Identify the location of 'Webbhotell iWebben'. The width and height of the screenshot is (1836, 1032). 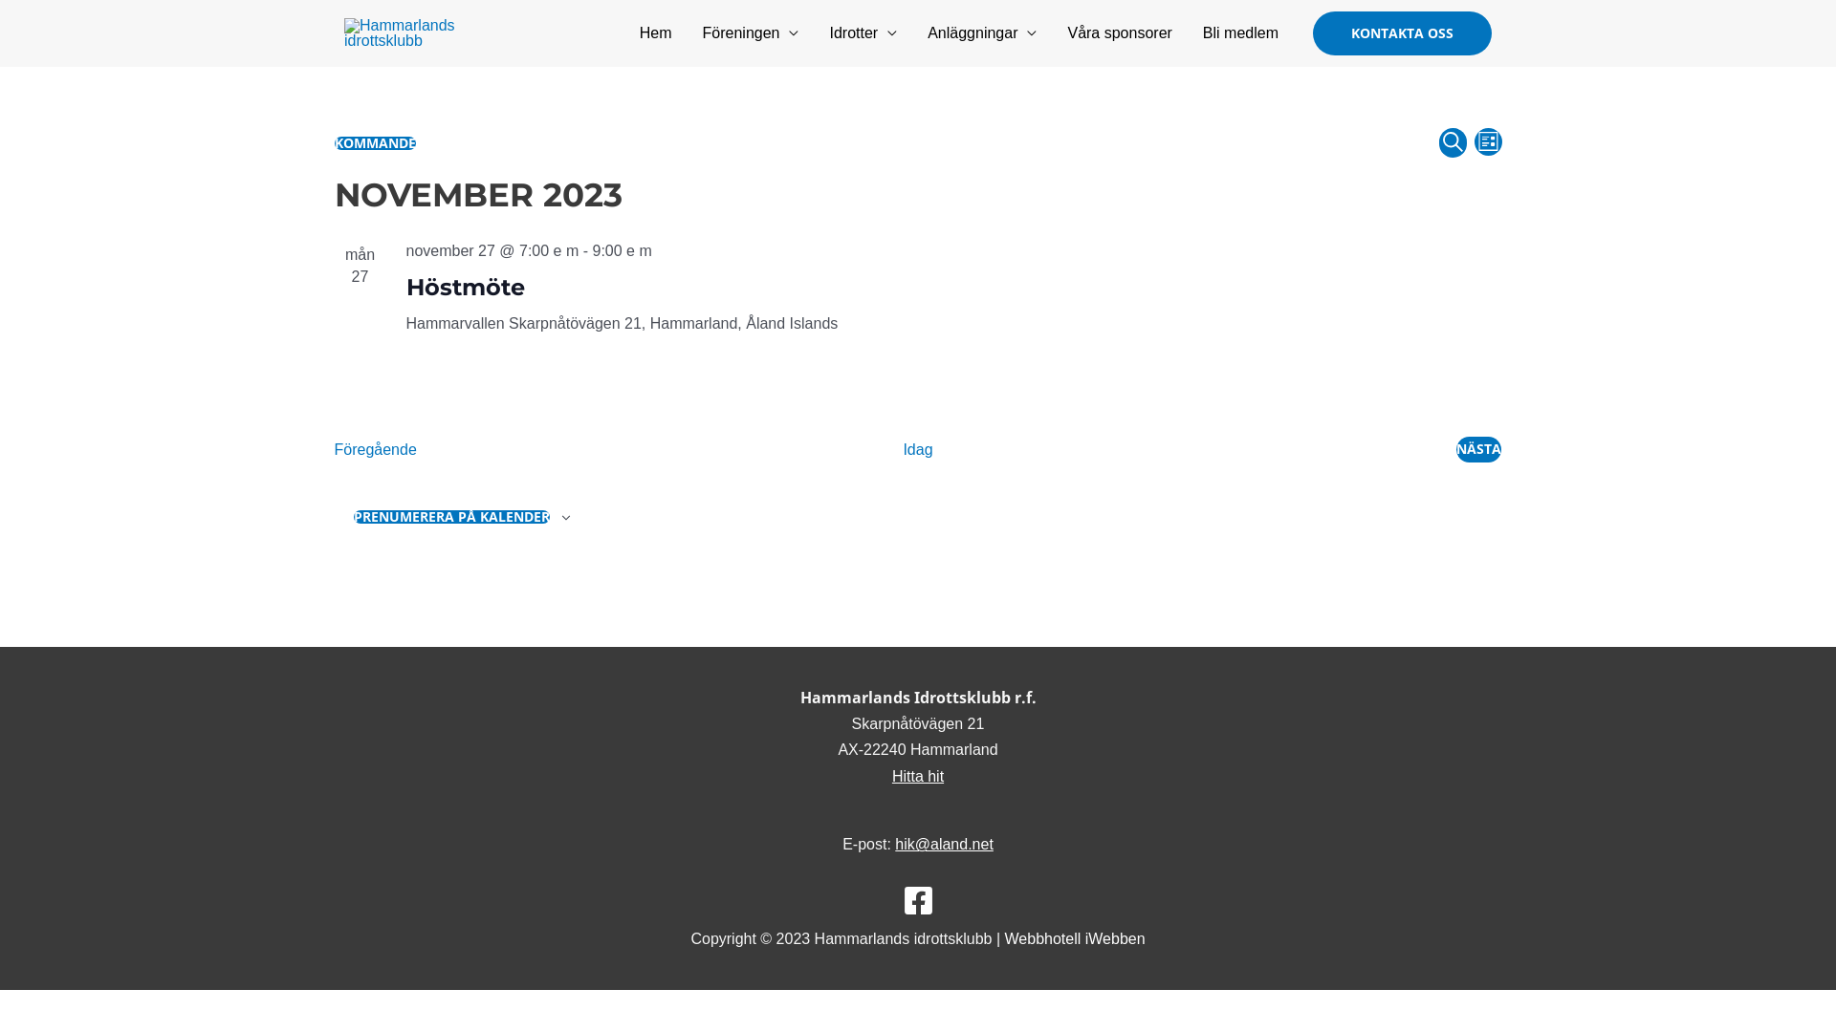
(1004, 937).